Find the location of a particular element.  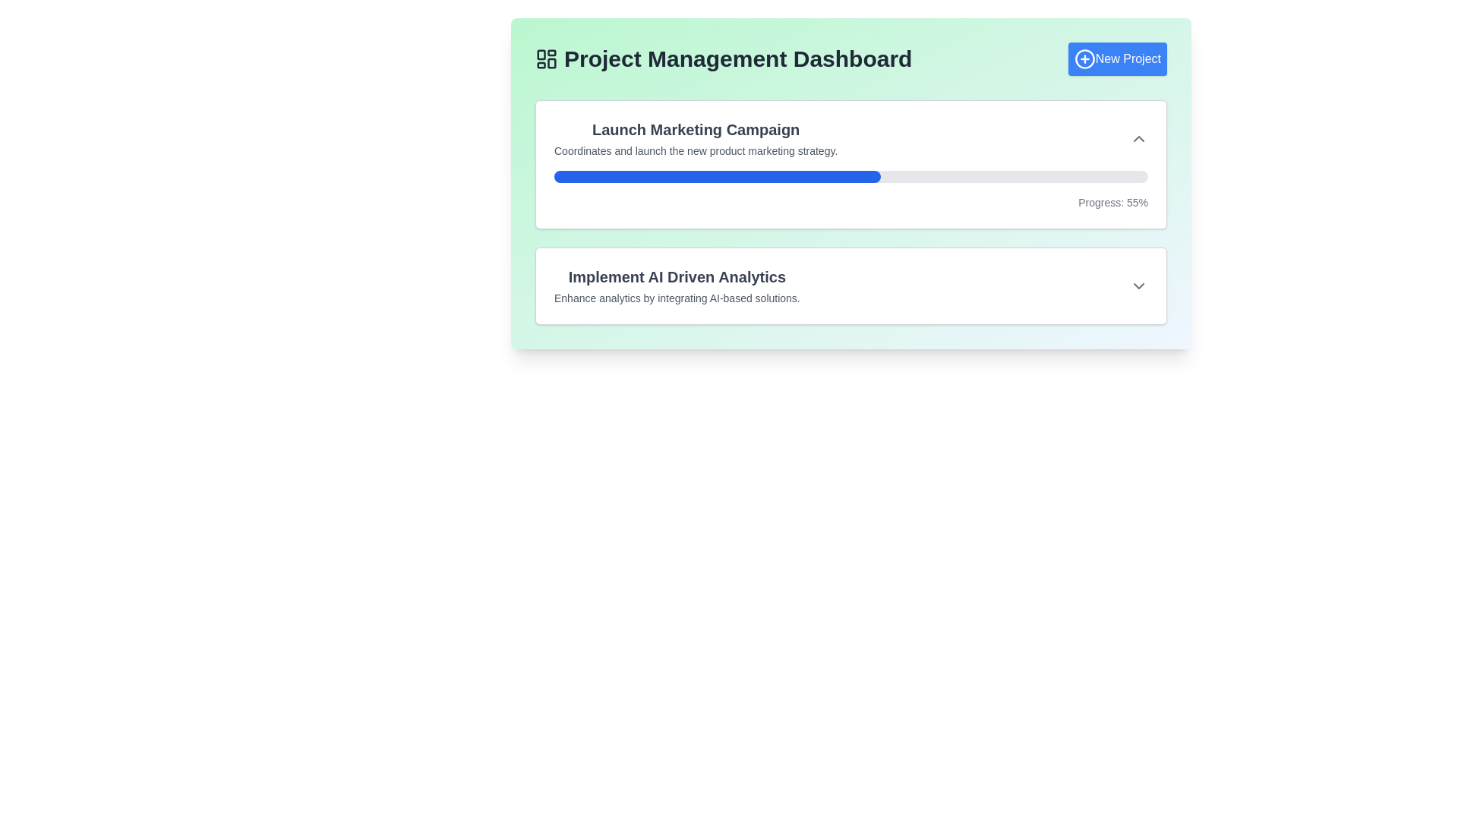

progress is located at coordinates (714, 175).